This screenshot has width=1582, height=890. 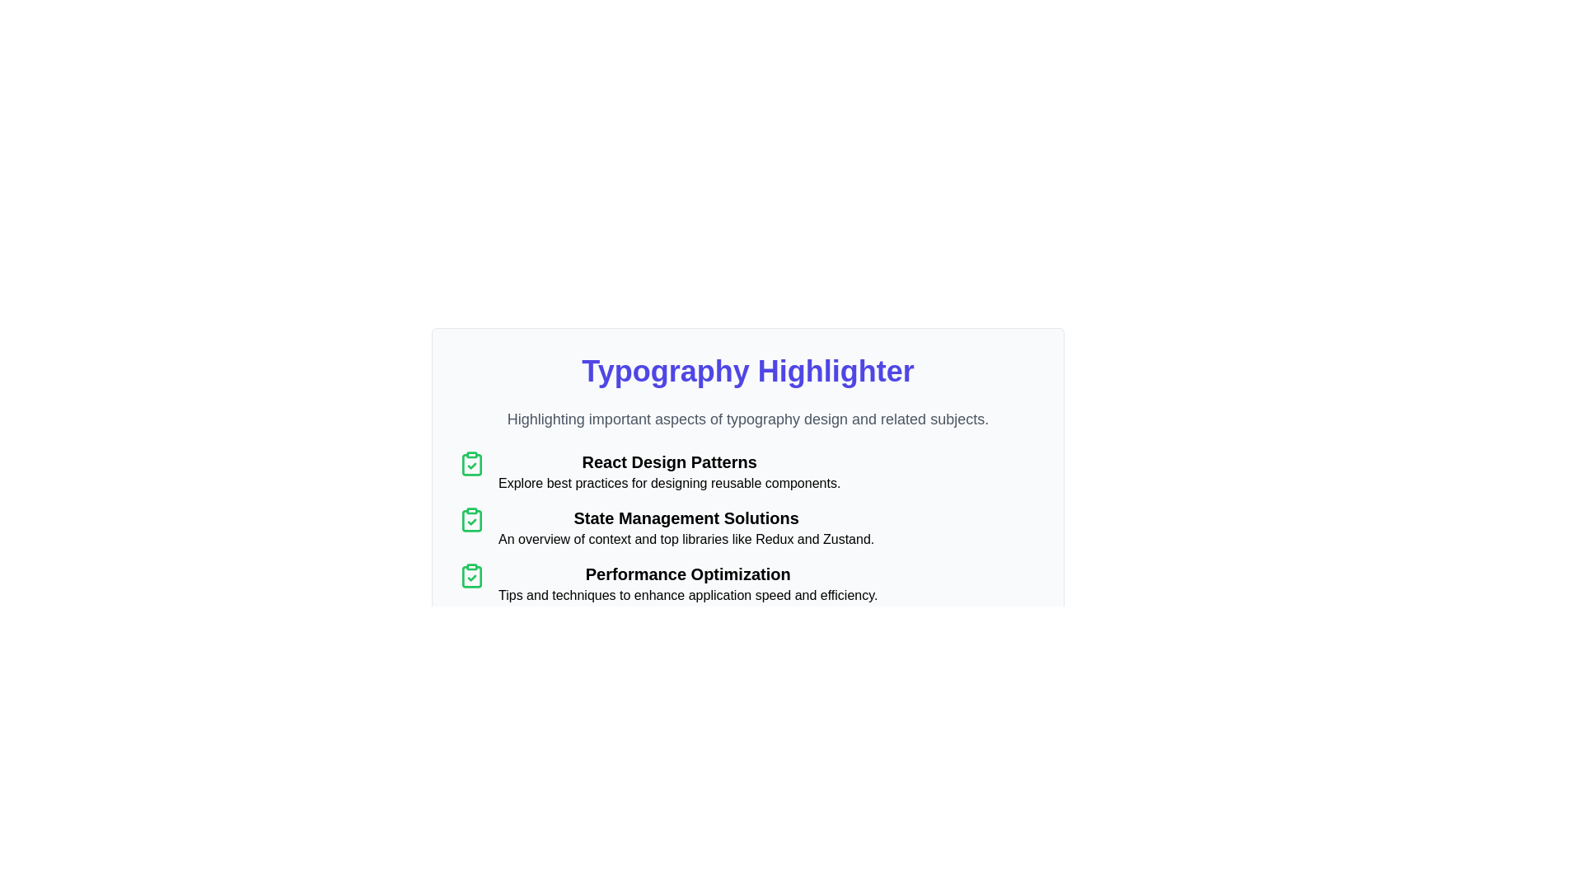 What do you see at coordinates (470, 574) in the screenshot?
I see `the icon representing the completion or success of 'Performance Optimization'` at bounding box center [470, 574].